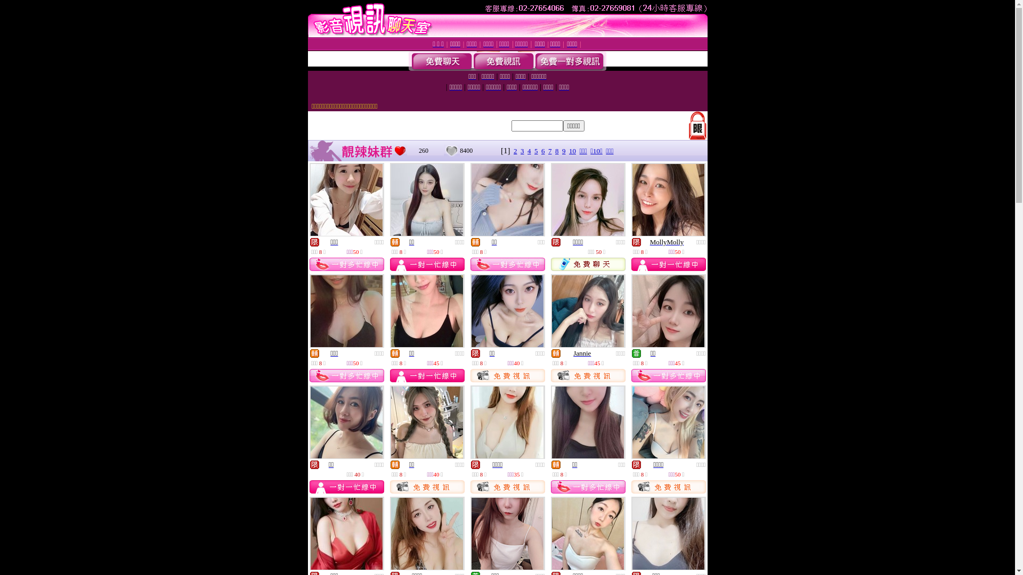 This screenshot has height=575, width=1023. I want to click on '6', so click(543, 151).